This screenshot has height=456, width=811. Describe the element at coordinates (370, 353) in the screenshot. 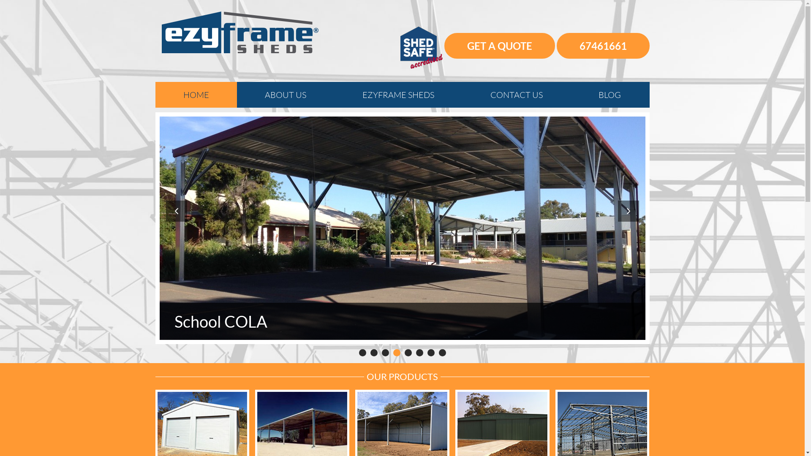

I see `'2'` at that location.